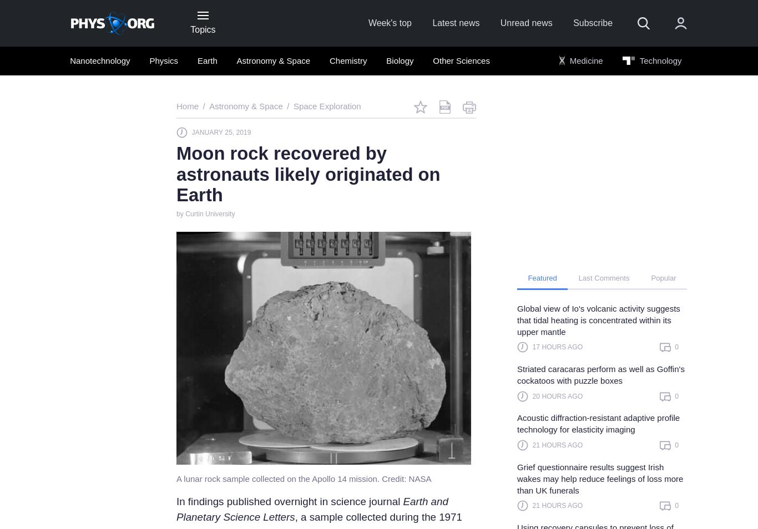 The image size is (758, 529). What do you see at coordinates (375, 417) in the screenshot?
I see `'Donate and enjoy an ad-free experience'` at bounding box center [375, 417].